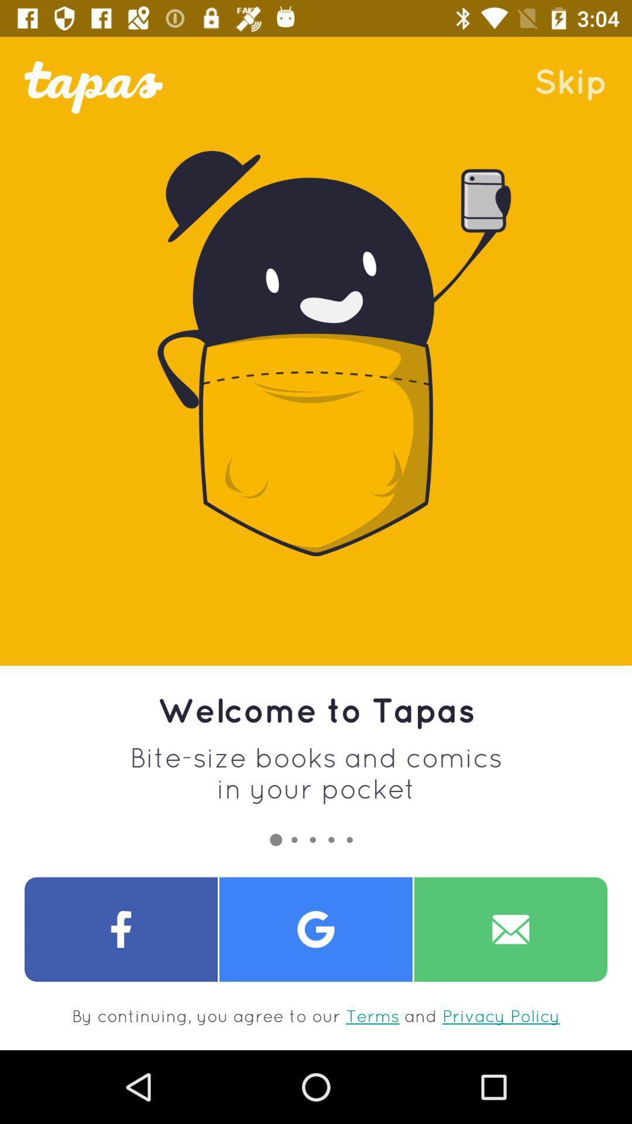 The height and width of the screenshot is (1124, 632). Describe the element at coordinates (316, 1015) in the screenshot. I see `the by continuing you item` at that location.